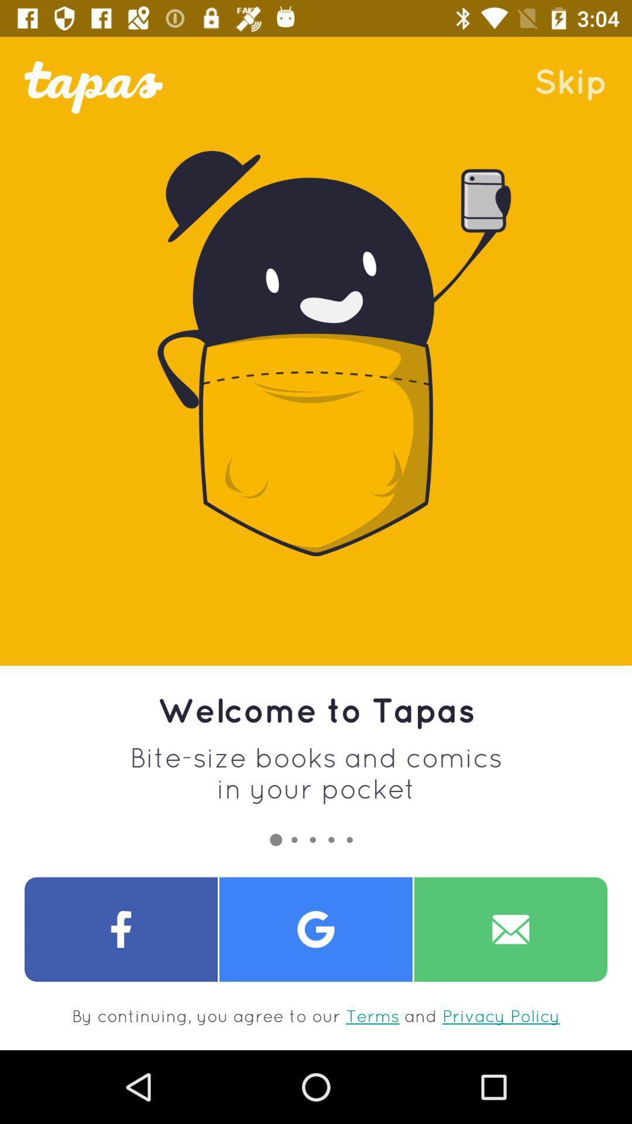 The height and width of the screenshot is (1124, 632). Describe the element at coordinates (316, 1015) in the screenshot. I see `the by continuing you item` at that location.